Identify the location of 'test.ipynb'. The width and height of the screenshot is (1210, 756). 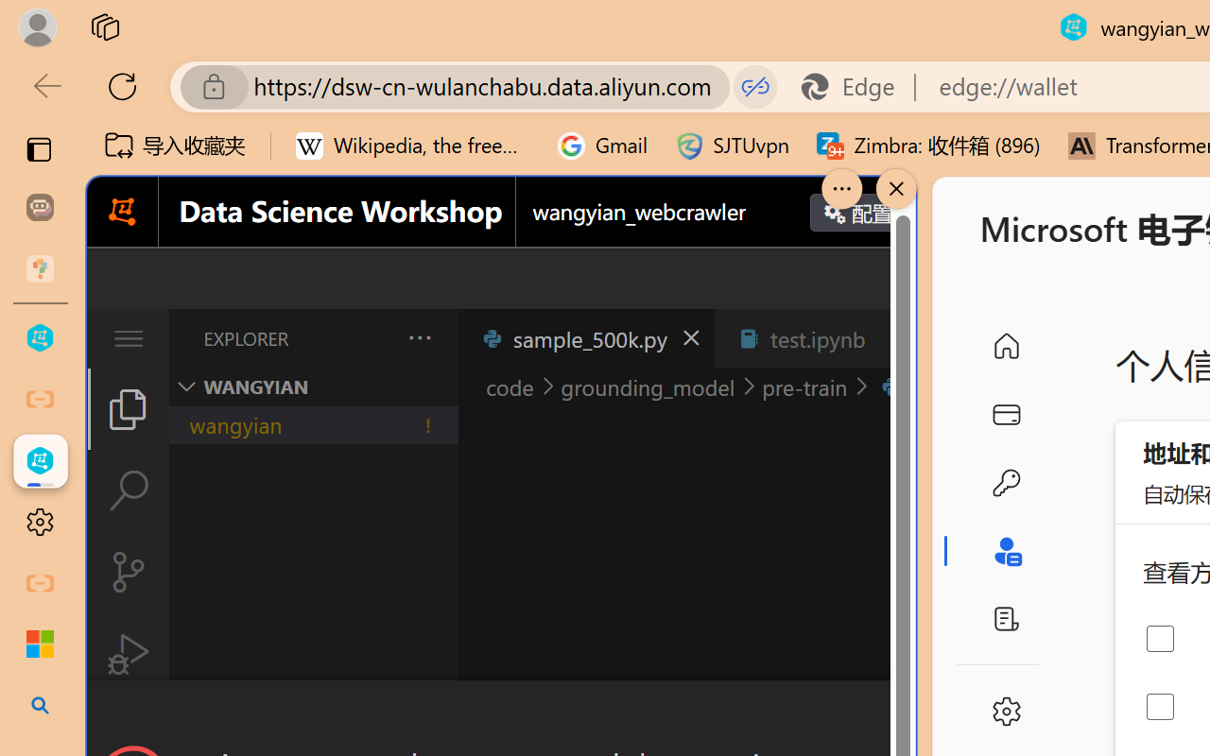
(817, 338).